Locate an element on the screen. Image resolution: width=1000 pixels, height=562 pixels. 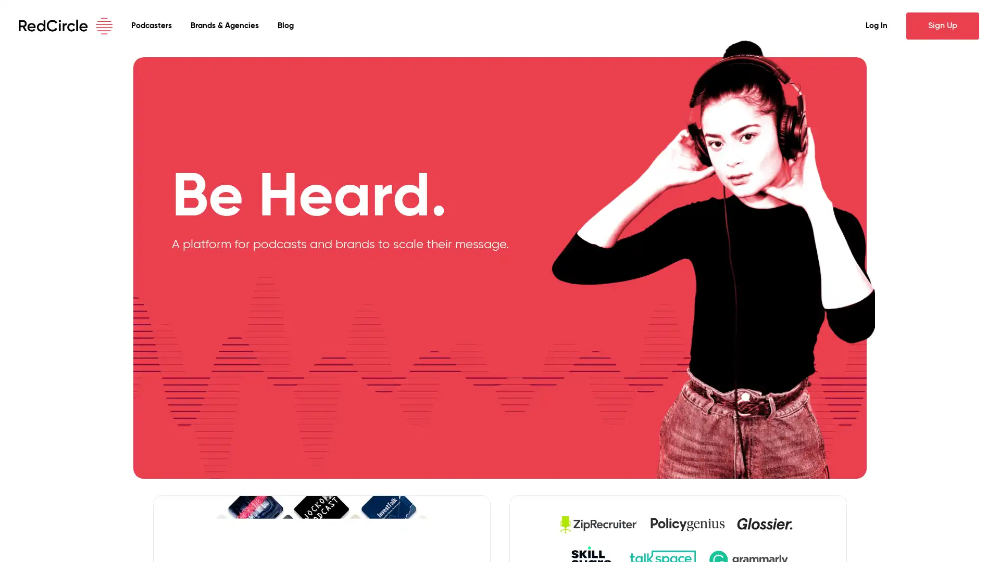
Sign Up is located at coordinates (942, 25).